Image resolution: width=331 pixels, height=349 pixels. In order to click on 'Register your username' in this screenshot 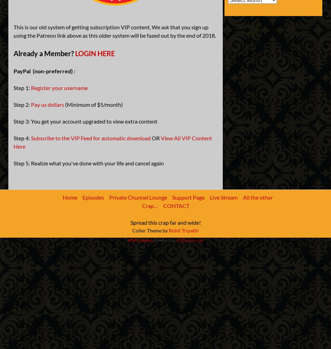, I will do `click(59, 88)`.